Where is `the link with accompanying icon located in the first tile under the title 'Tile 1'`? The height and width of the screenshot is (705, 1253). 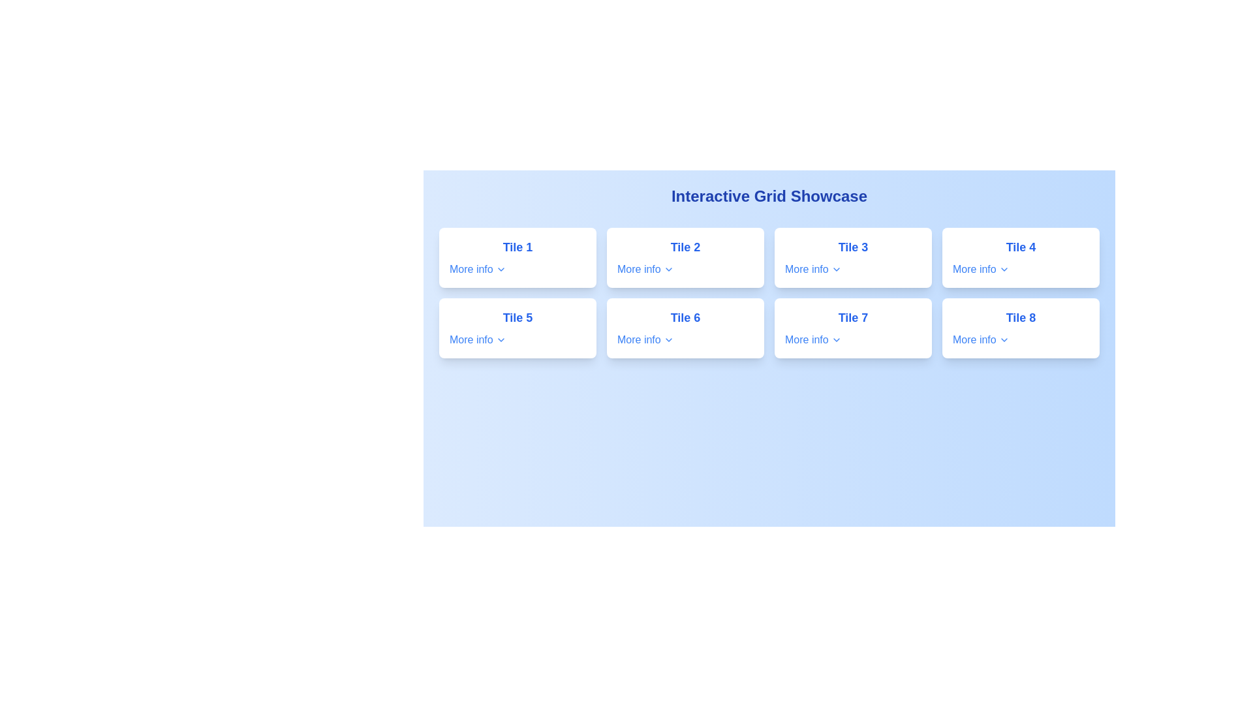
the link with accompanying icon located in the first tile under the title 'Tile 1' is located at coordinates (477, 268).